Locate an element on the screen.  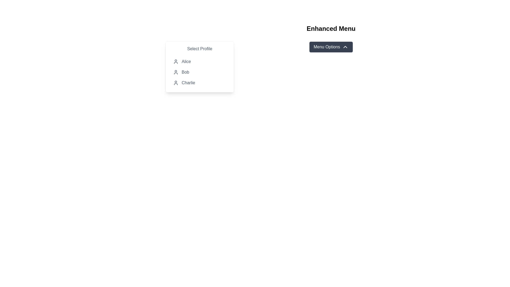
the second MenuItem in the dropdown menu is located at coordinates (199, 72).